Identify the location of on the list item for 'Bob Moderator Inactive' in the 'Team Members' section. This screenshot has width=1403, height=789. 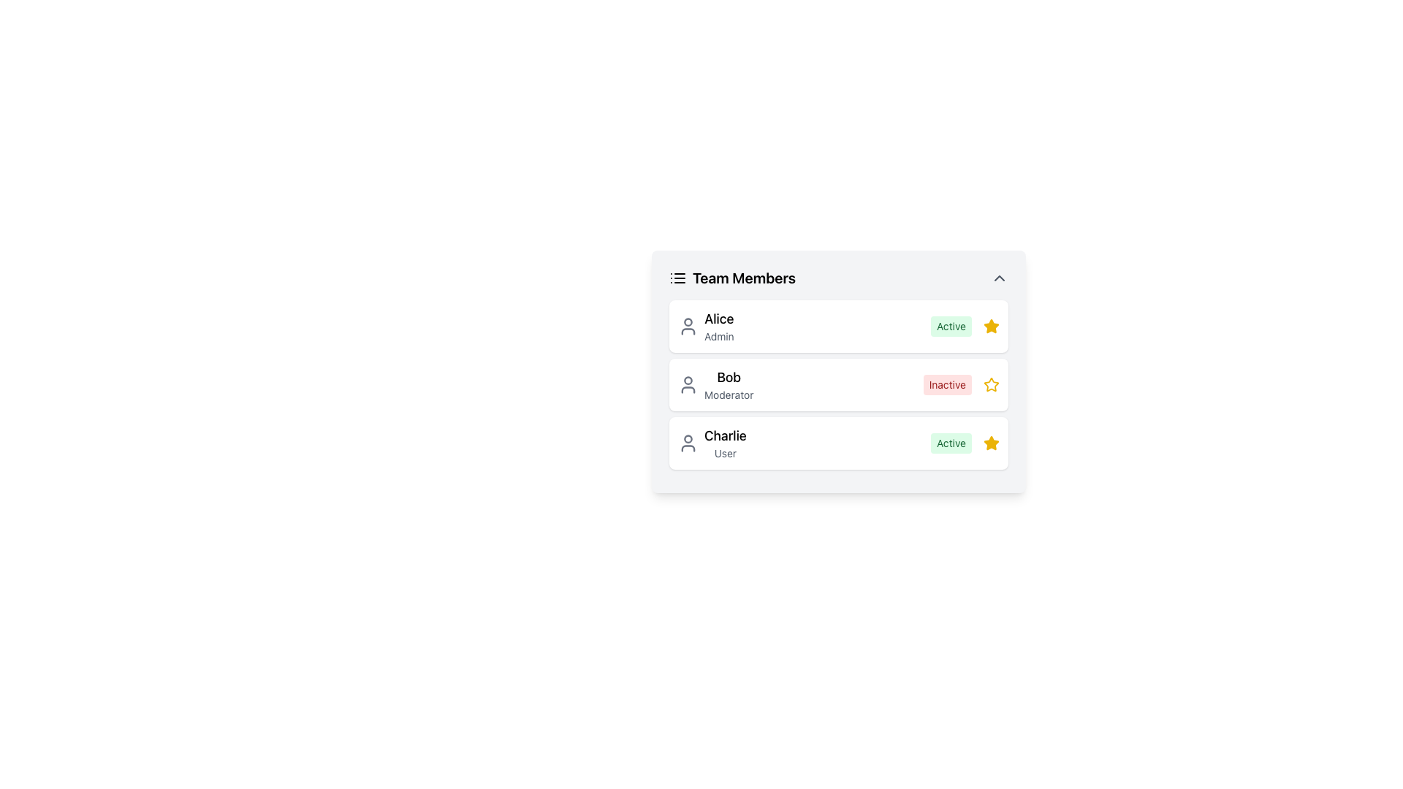
(838, 384).